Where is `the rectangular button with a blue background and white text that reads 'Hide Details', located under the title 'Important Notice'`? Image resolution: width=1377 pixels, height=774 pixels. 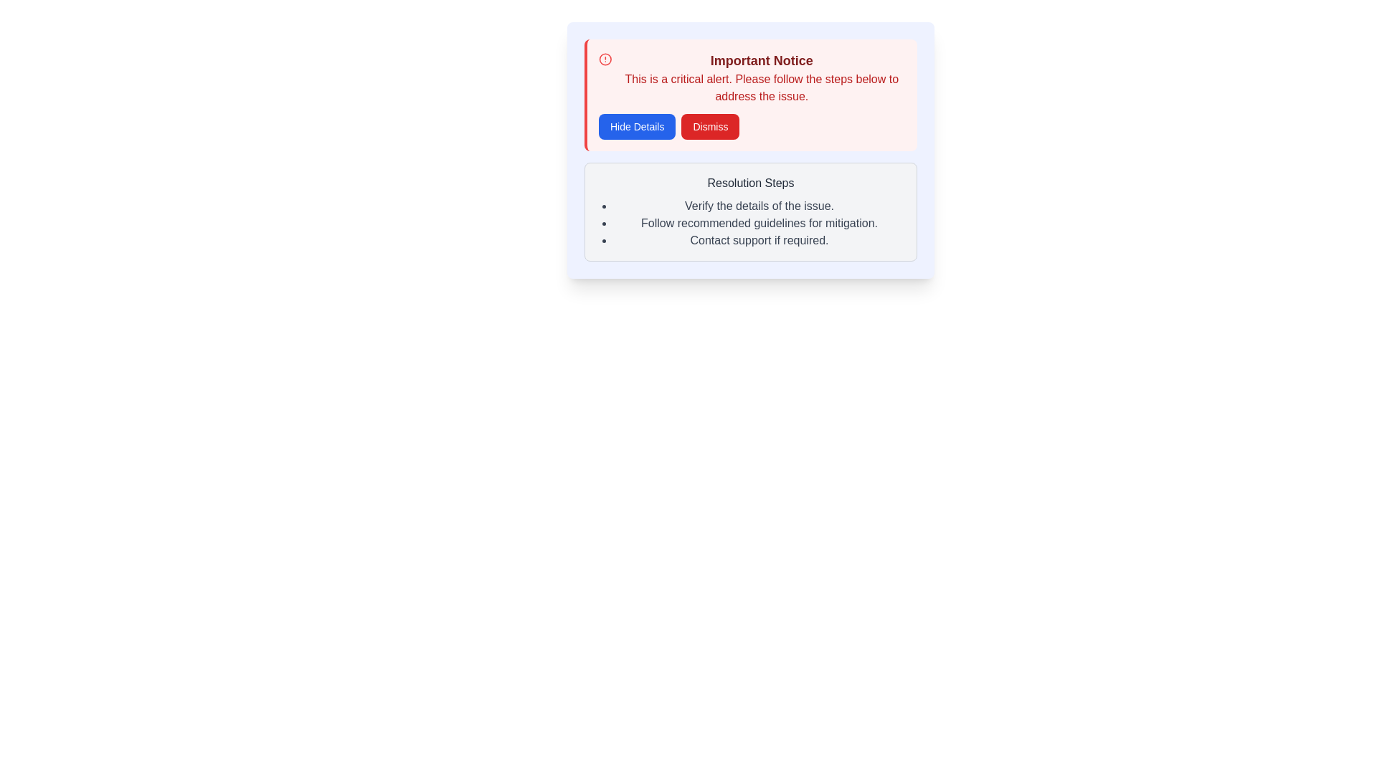
the rectangular button with a blue background and white text that reads 'Hide Details', located under the title 'Important Notice' is located at coordinates (636, 126).